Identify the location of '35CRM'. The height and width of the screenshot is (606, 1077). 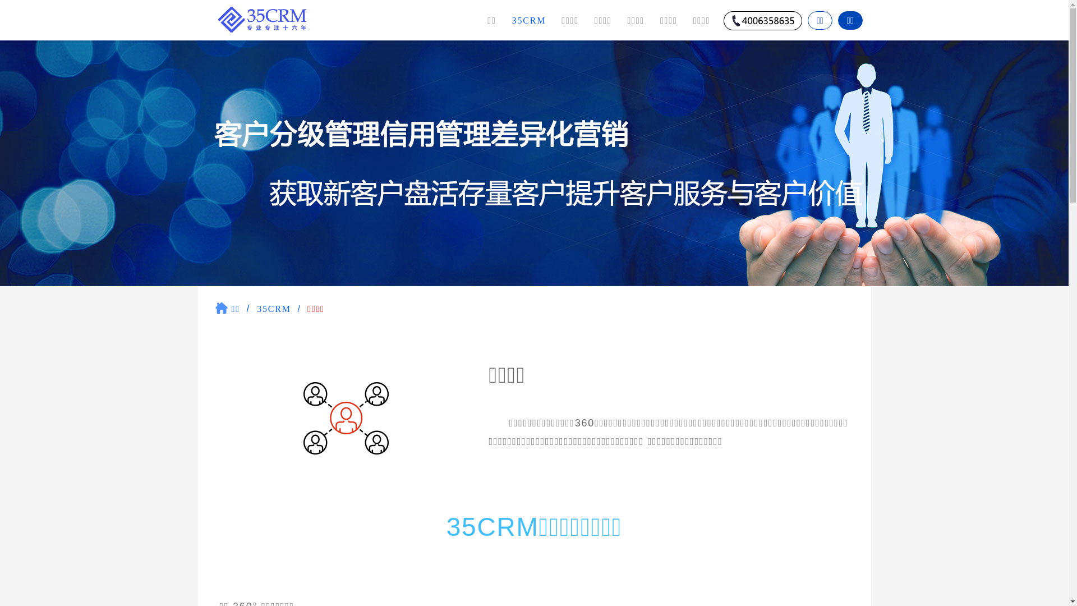
(256, 309).